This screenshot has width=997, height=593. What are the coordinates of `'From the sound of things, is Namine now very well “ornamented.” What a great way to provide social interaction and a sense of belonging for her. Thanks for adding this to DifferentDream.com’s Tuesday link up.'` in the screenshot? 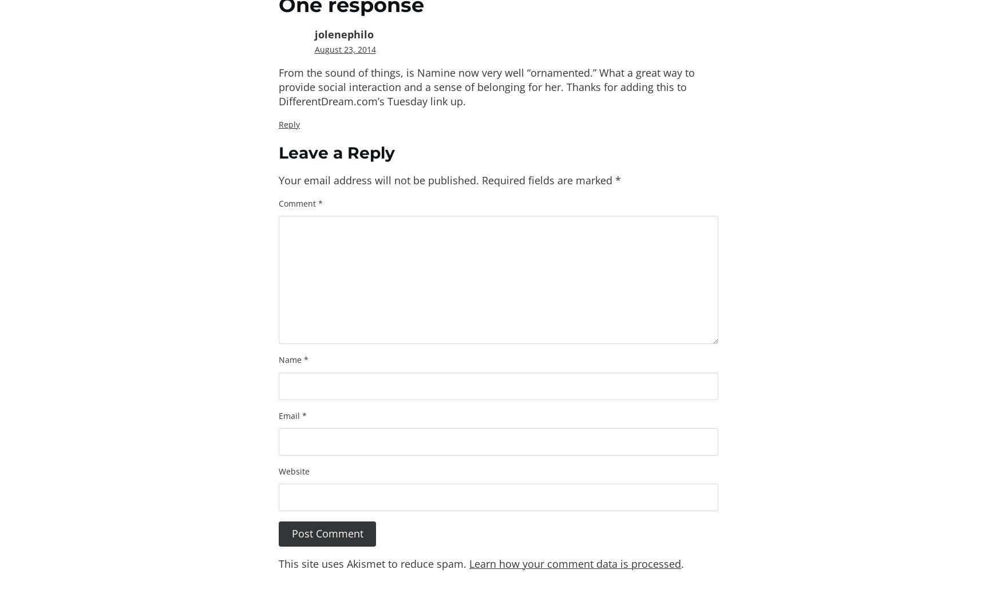 It's located at (279, 86).